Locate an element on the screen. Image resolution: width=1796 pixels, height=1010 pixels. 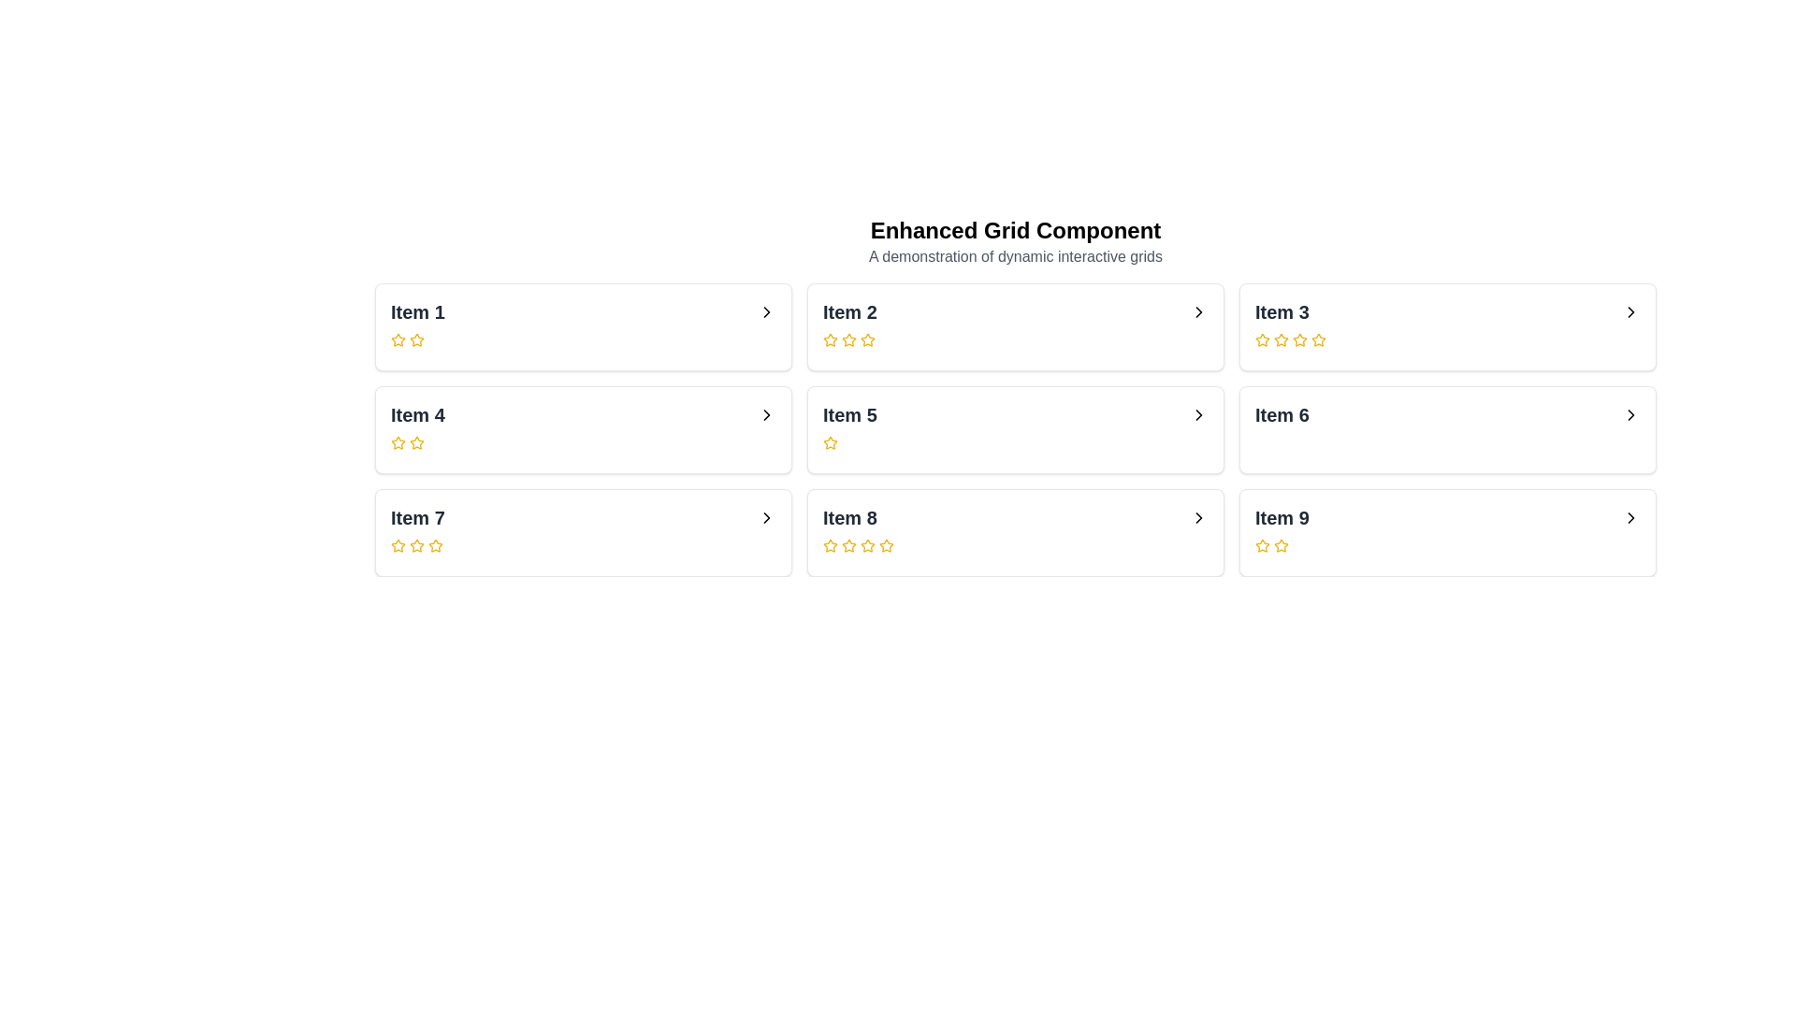
the rightward pointing chevron icon located within the card labeled 'Item 9' is located at coordinates (1629, 518).